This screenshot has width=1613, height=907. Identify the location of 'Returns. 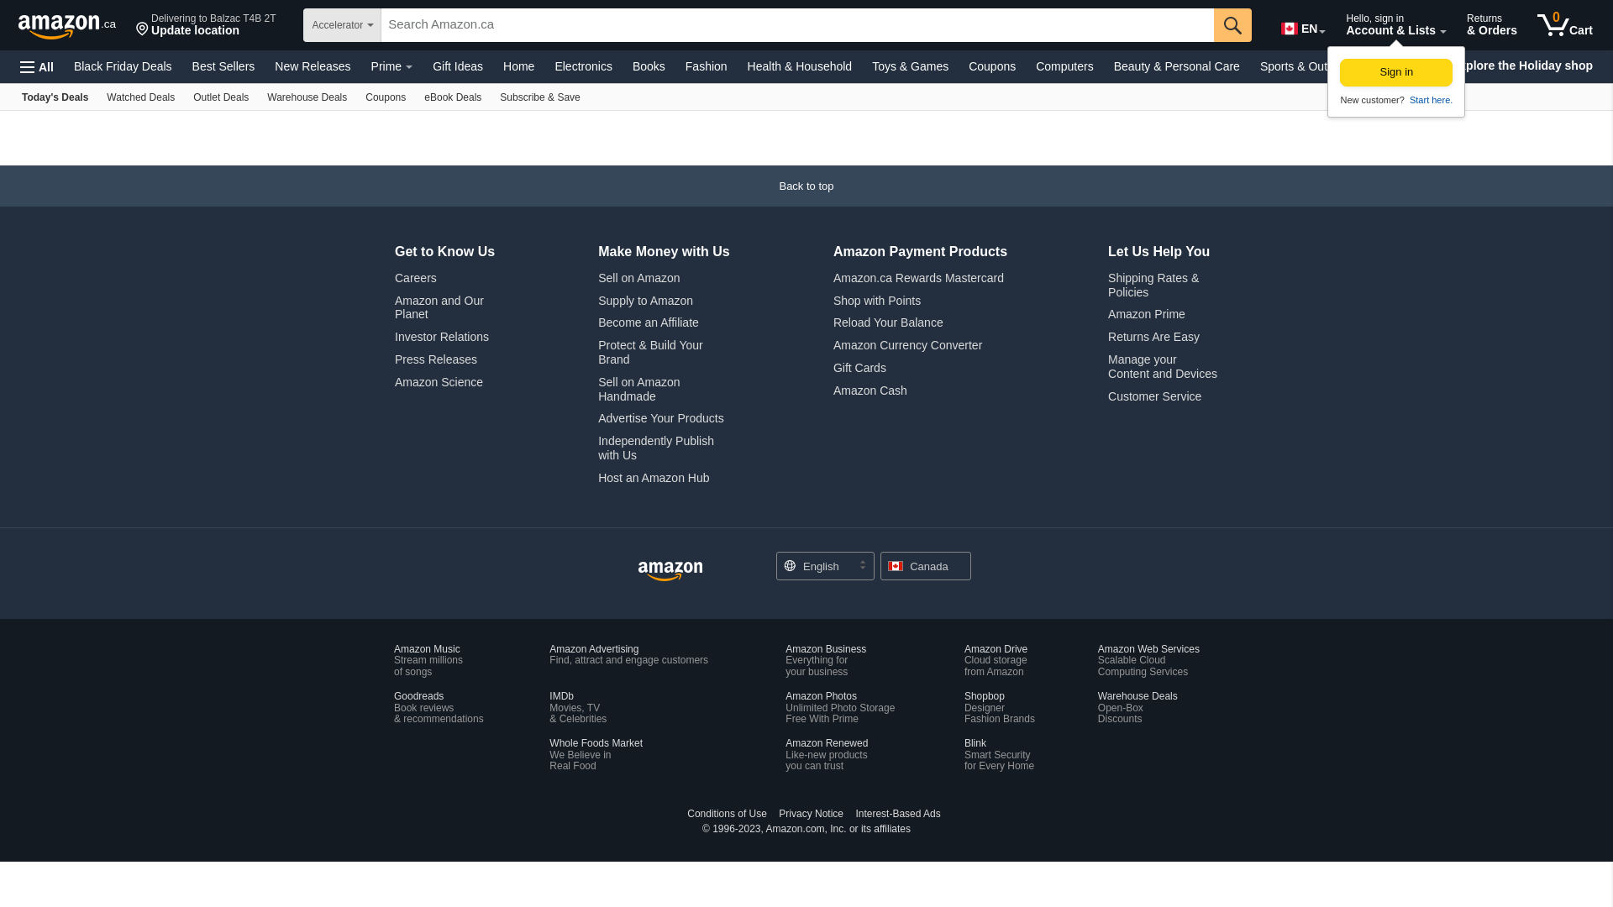
(1492, 25).